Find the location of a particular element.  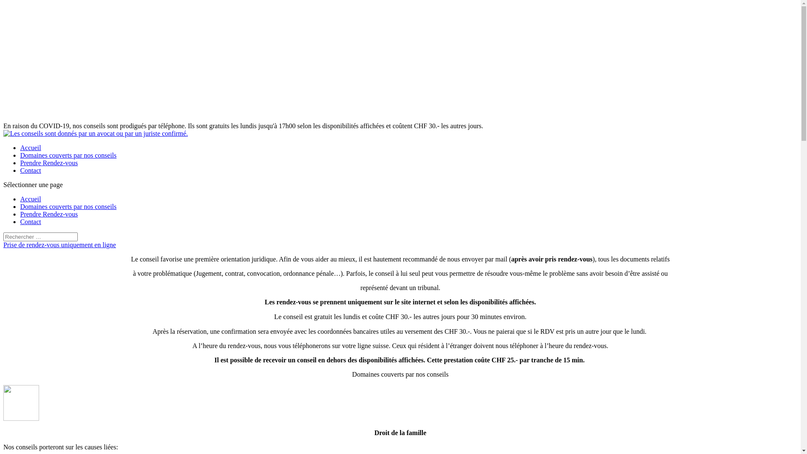

'Domaines couverts par nos conseils' is located at coordinates (68, 206).